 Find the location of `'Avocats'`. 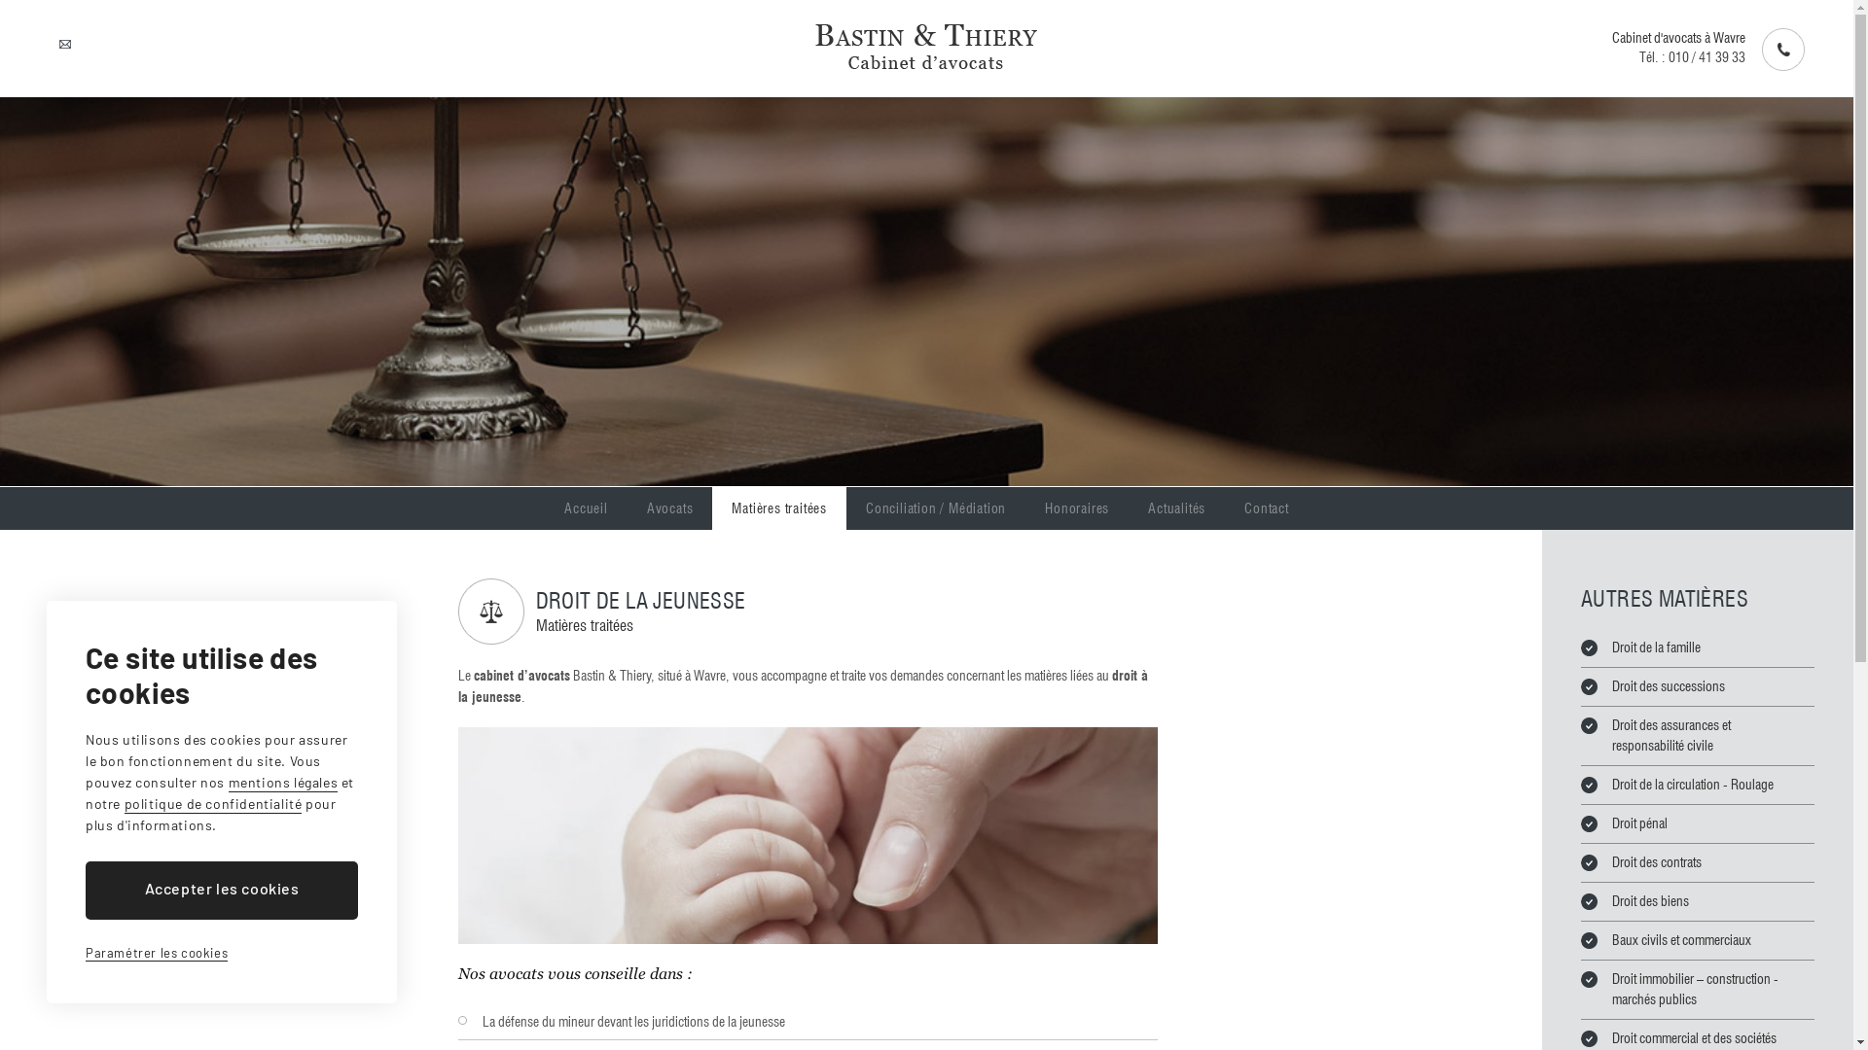

'Avocats' is located at coordinates (670, 507).